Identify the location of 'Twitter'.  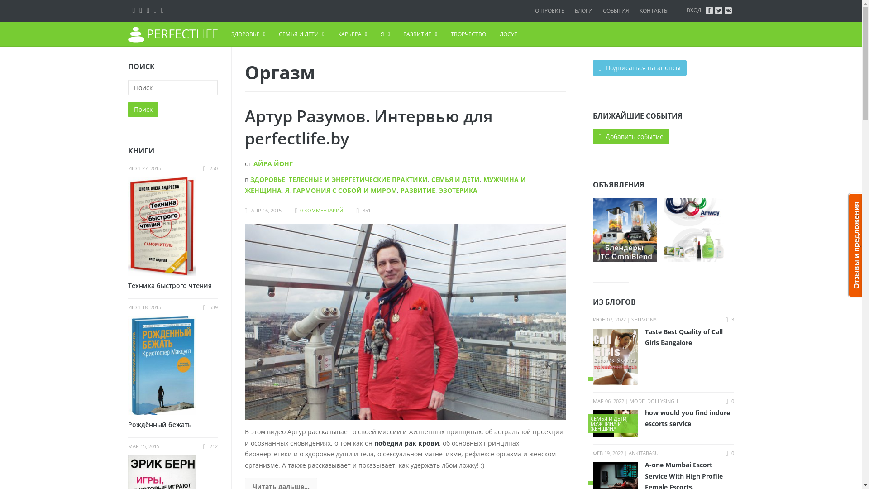
(148, 10).